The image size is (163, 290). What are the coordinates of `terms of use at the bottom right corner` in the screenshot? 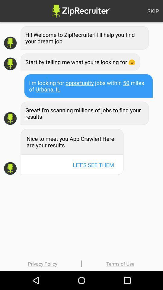 It's located at (120, 263).